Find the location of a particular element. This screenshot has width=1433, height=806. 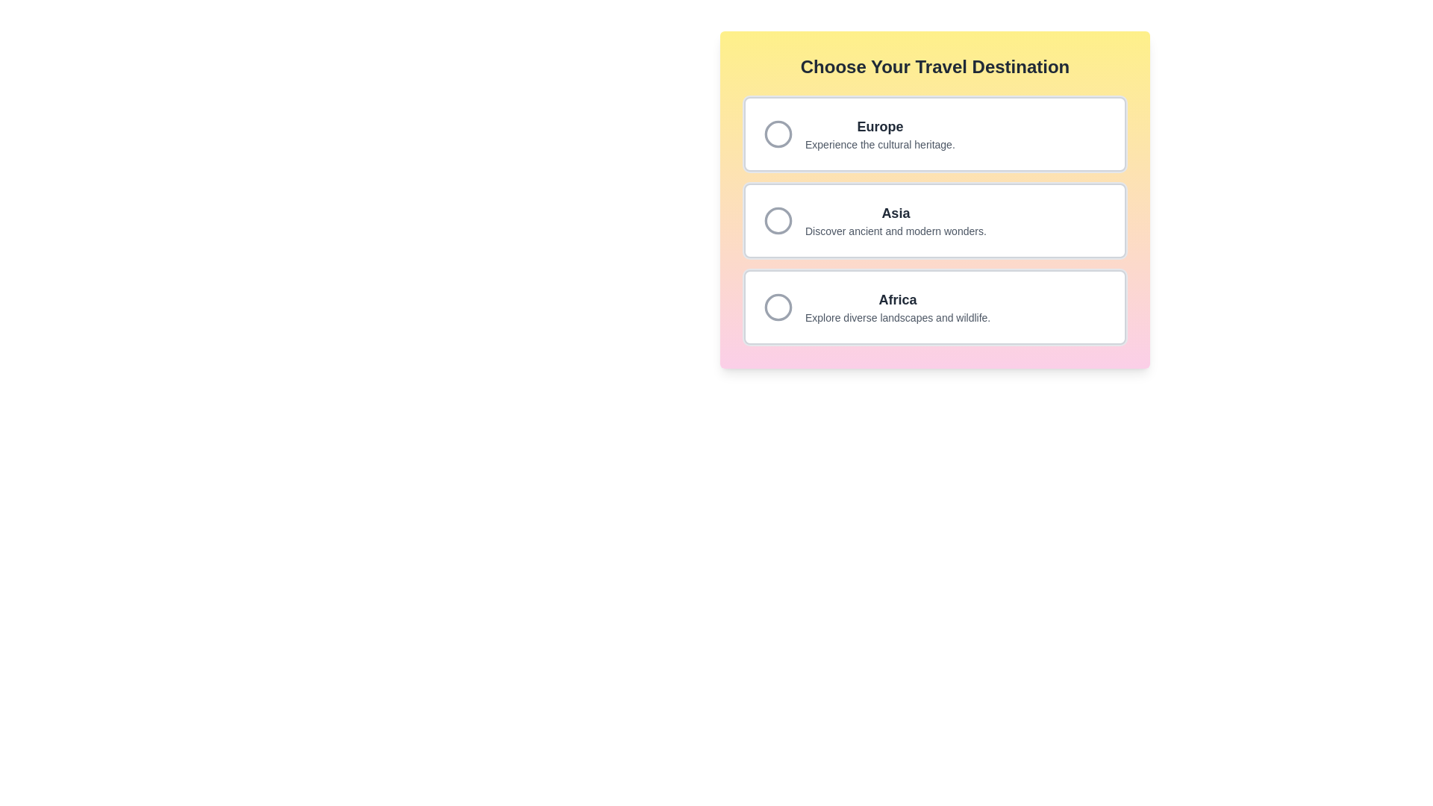

the radio button located to the left of the text 'Asia' is located at coordinates (777, 221).